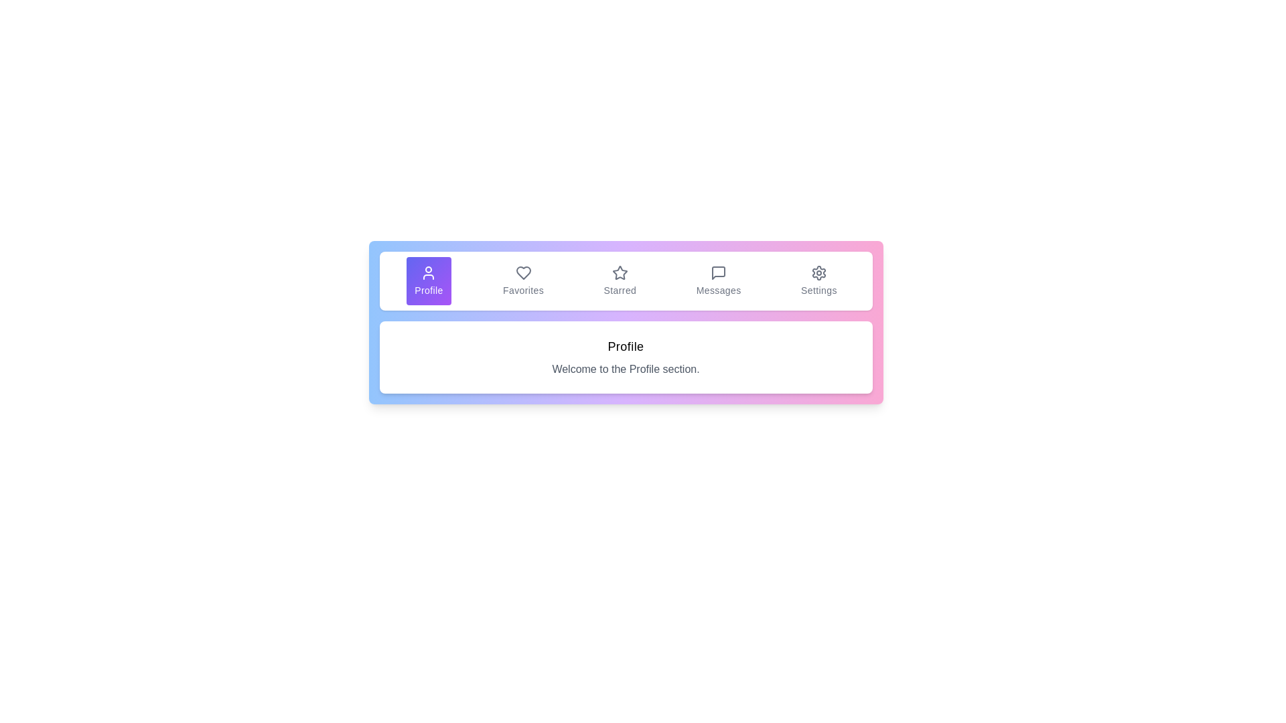 This screenshot has width=1286, height=723. What do you see at coordinates (619, 280) in the screenshot?
I see `the tab labeled Starred` at bounding box center [619, 280].